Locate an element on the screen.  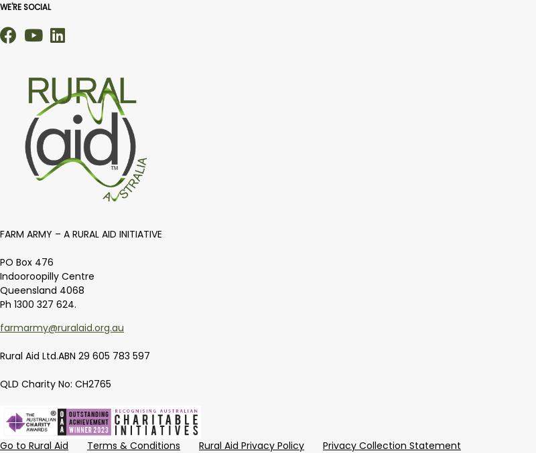
'PO Box 476' is located at coordinates (0, 262).